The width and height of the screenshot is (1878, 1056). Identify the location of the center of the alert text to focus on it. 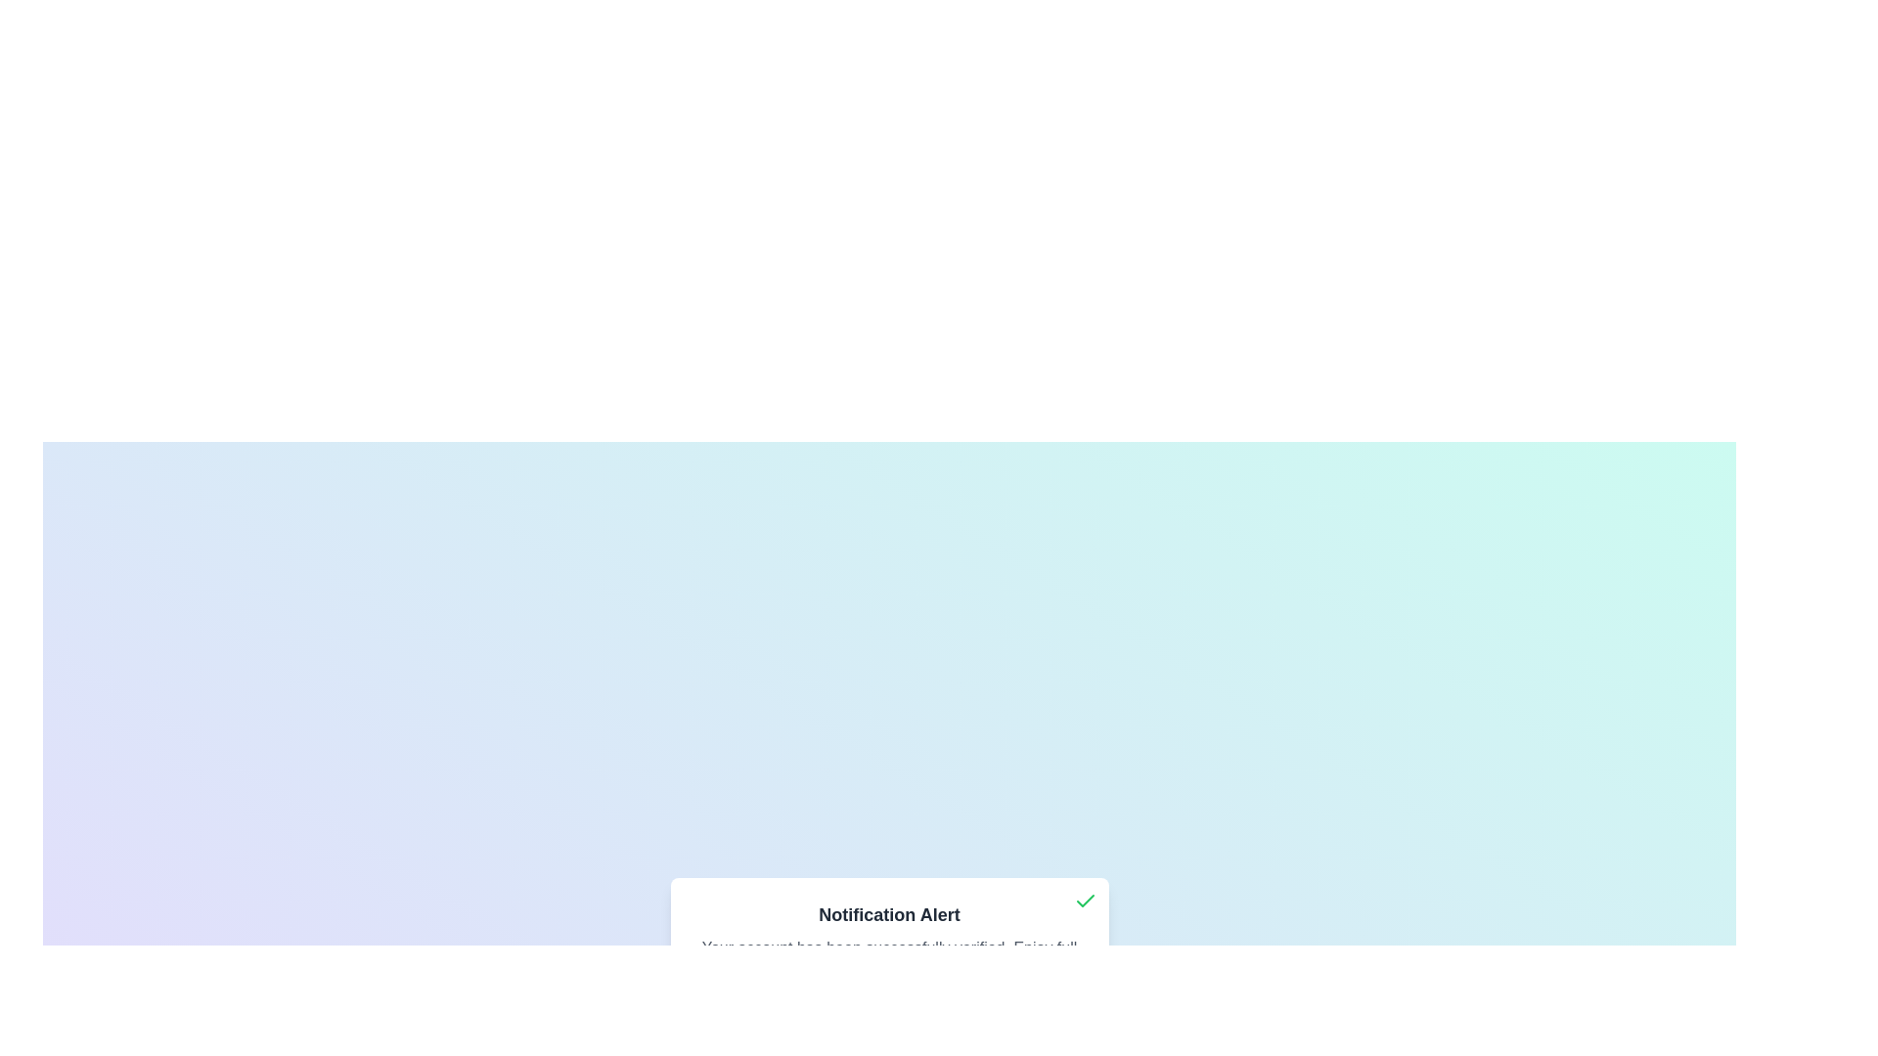
(888, 959).